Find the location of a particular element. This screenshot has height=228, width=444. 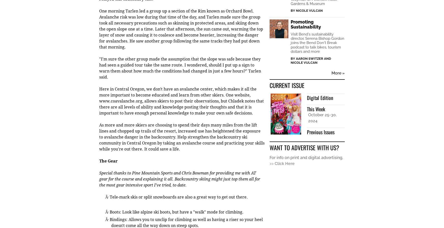

'By Aaron Switzer and Nicole Vulcan' is located at coordinates (290, 61).